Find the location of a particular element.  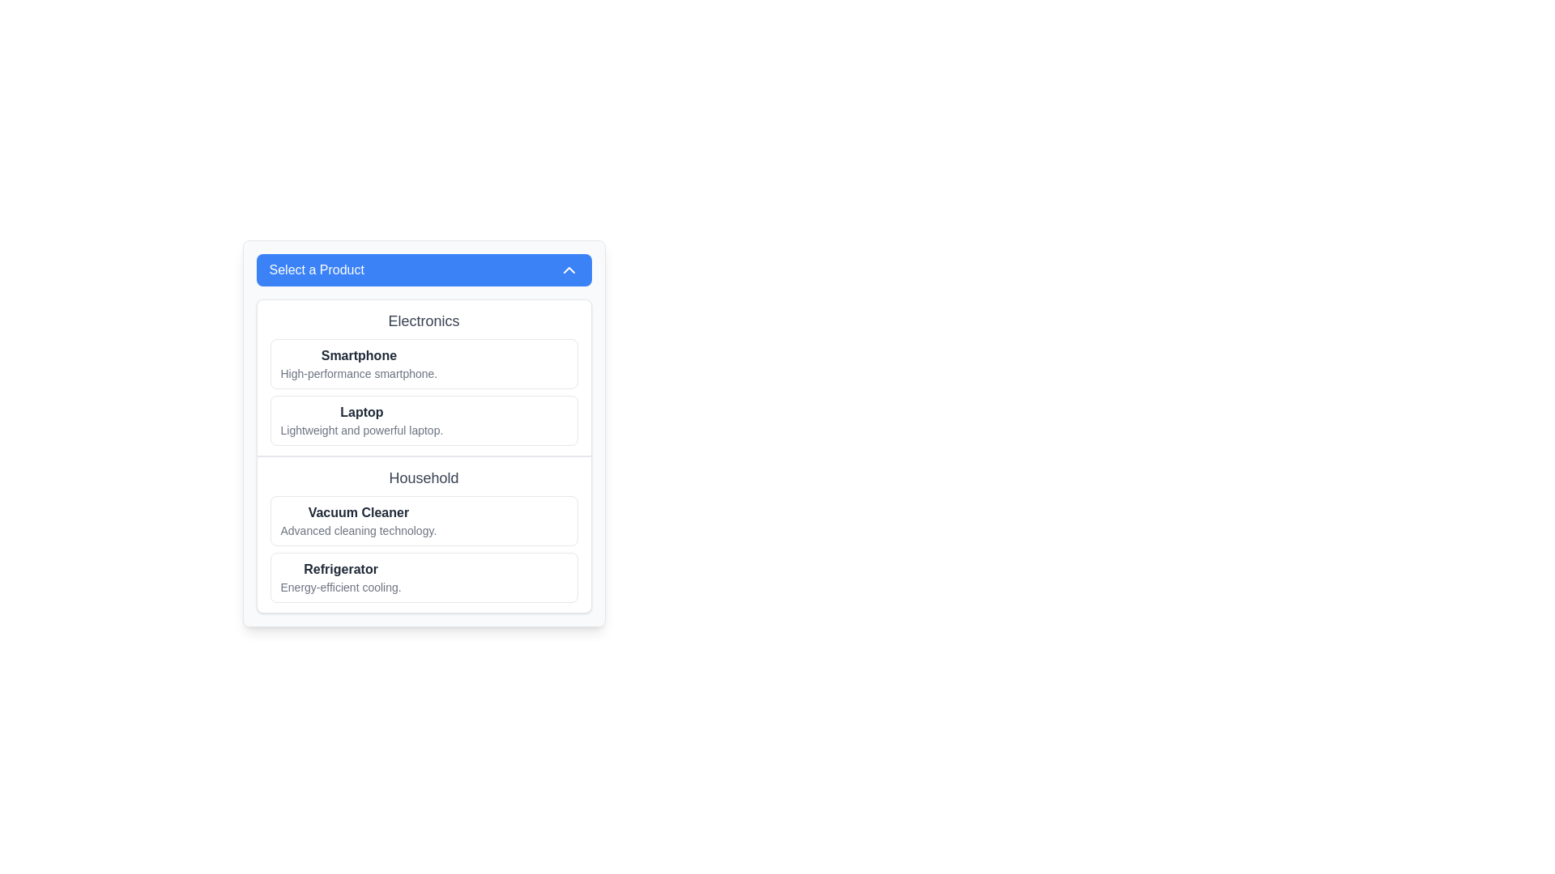

text label displaying 'Refrigerator' in bold font style and dark grey color, located in the household items section, positioned between 'Vacuum Cleaner' and 'Energy-efficient cooling.' is located at coordinates (340, 569).